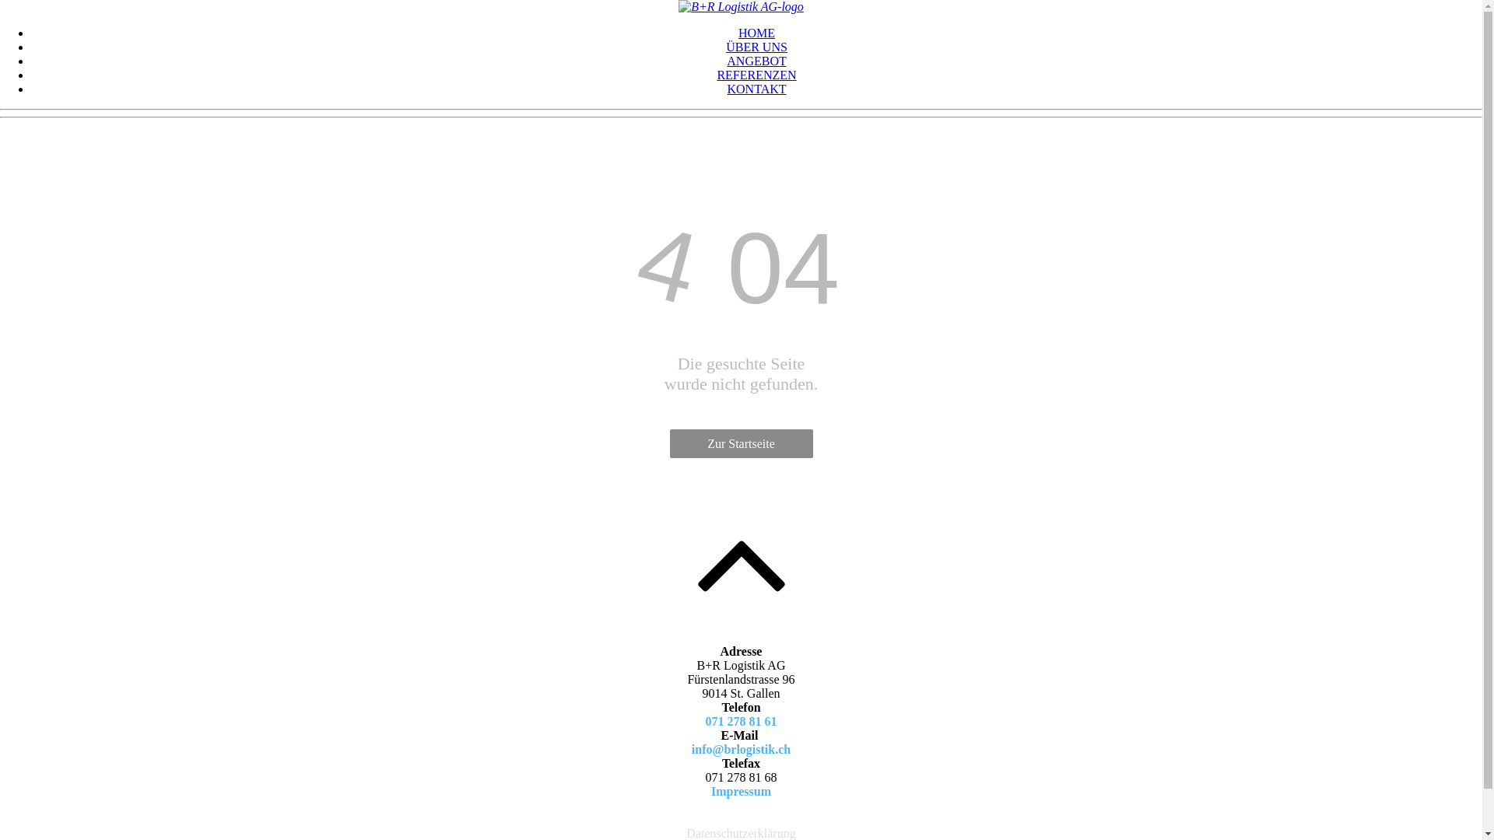 The height and width of the screenshot is (840, 1494). What do you see at coordinates (740, 791) in the screenshot?
I see `'Impressum'` at bounding box center [740, 791].